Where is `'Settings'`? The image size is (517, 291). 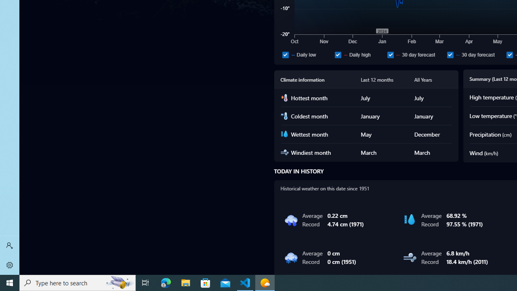 'Settings' is located at coordinates (10, 265).